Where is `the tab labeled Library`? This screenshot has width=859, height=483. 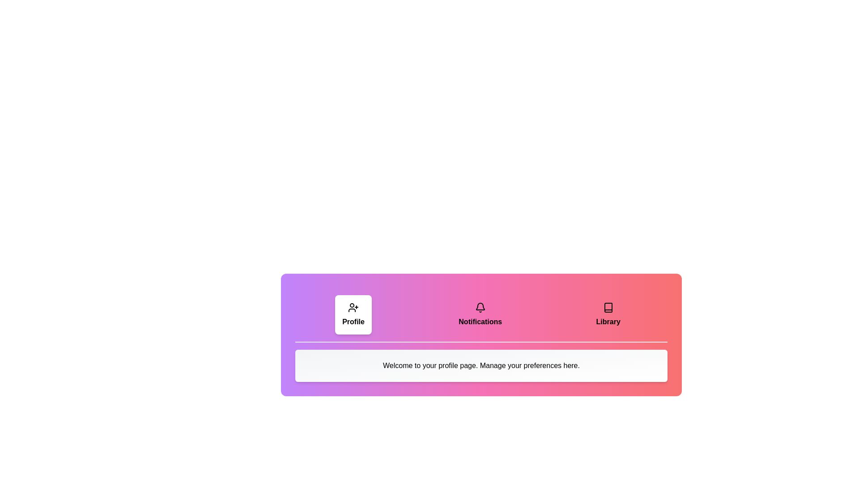 the tab labeled Library is located at coordinates (608, 314).